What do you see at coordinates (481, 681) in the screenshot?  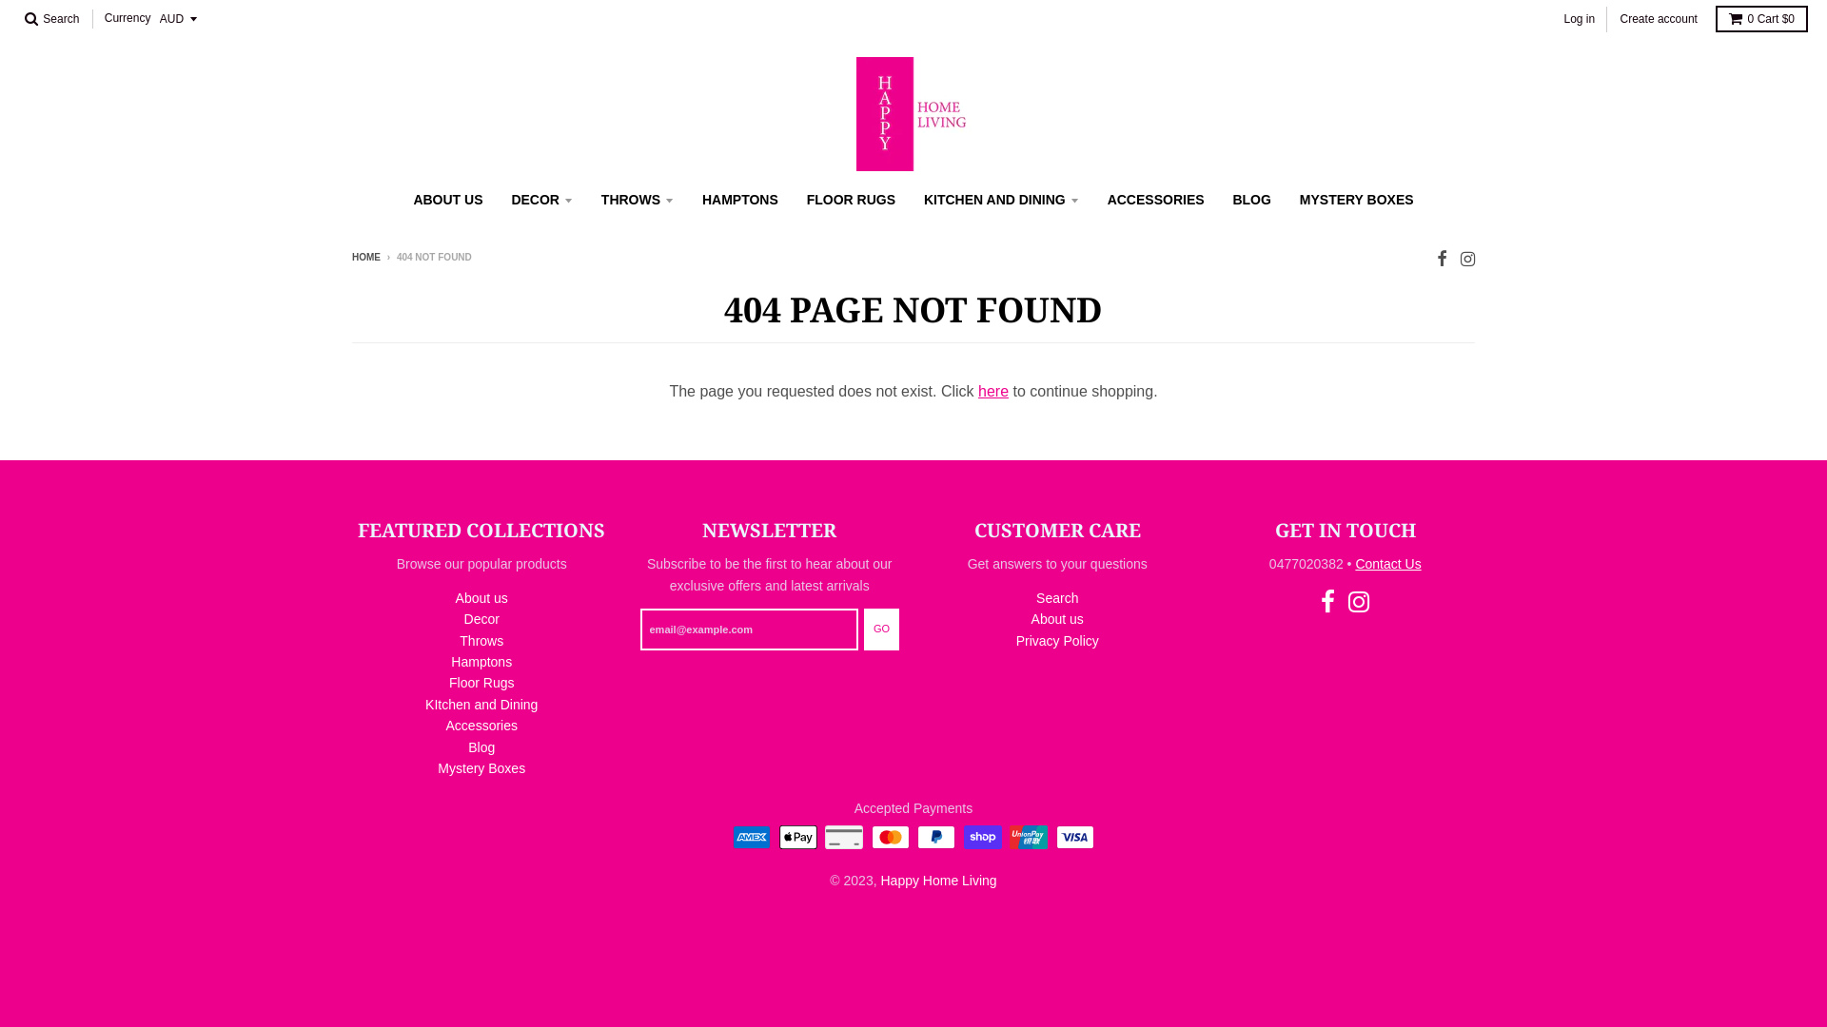 I see `'Floor Rugs'` at bounding box center [481, 681].